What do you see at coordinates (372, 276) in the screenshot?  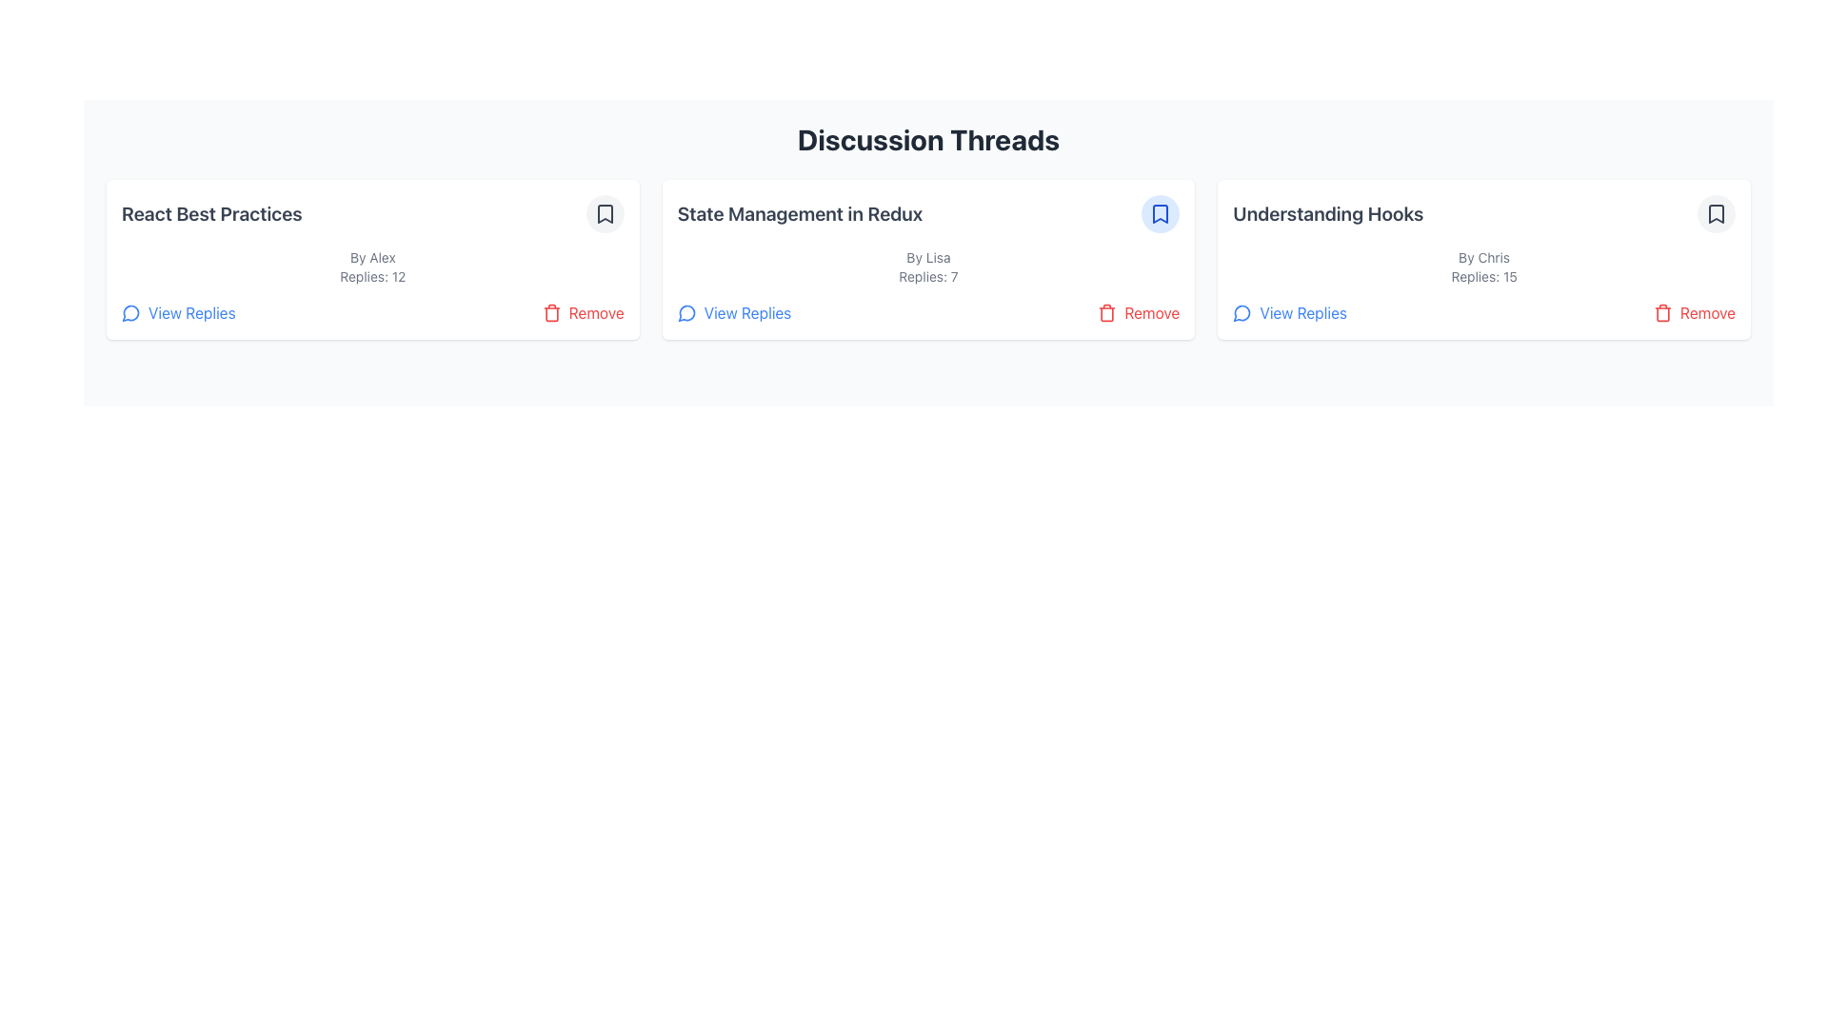 I see `the text label displaying '12 replies' for the 'React Best Practices' discussion thread, located below 'By Alex' and above 'View Replies' and 'Remove' actions` at bounding box center [372, 276].